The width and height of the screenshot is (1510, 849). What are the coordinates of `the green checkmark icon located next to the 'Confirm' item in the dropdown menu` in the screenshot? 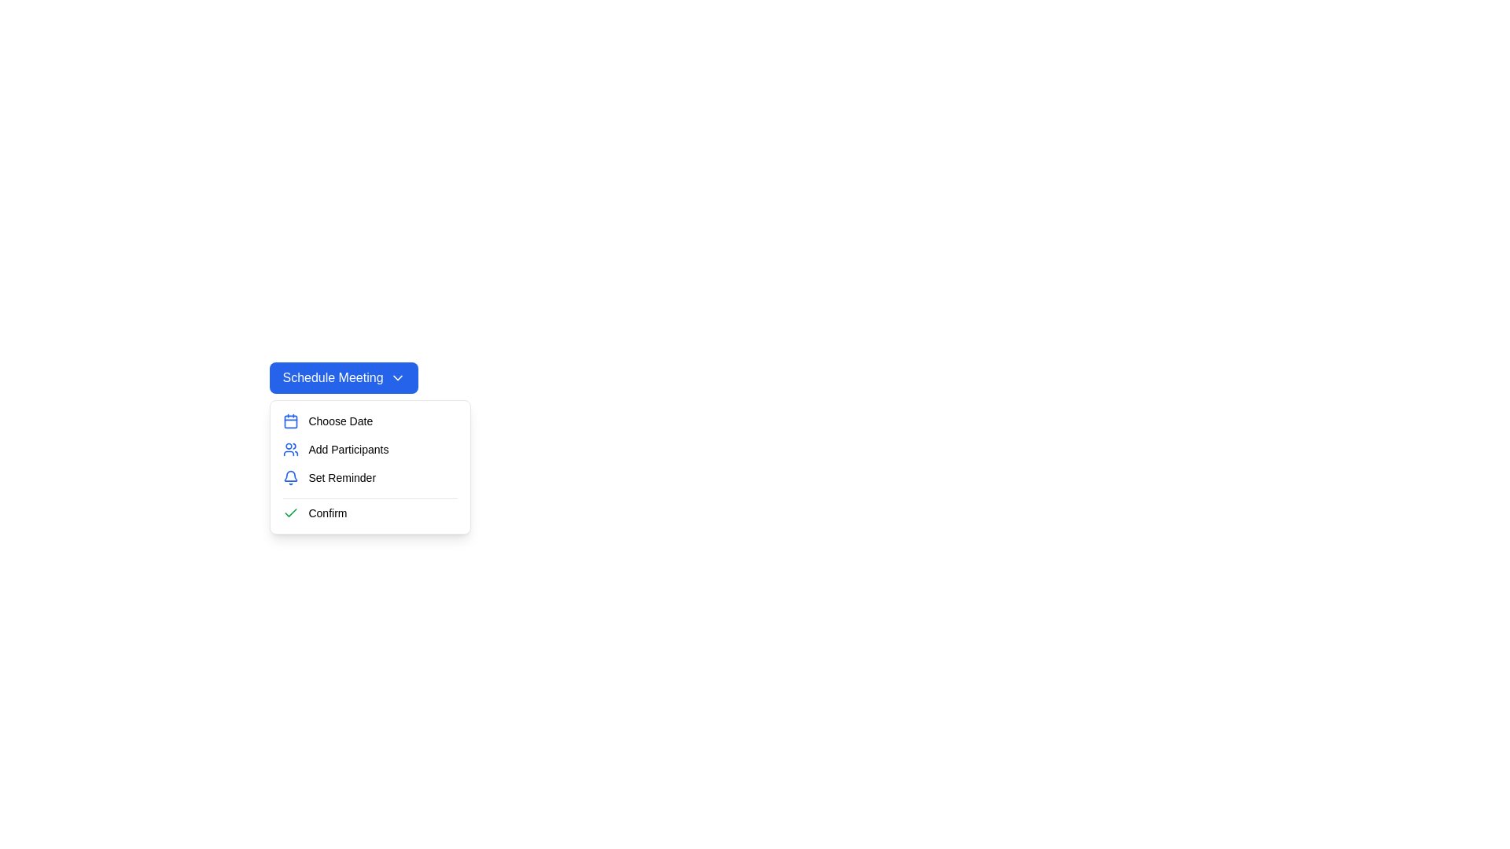 It's located at (291, 513).